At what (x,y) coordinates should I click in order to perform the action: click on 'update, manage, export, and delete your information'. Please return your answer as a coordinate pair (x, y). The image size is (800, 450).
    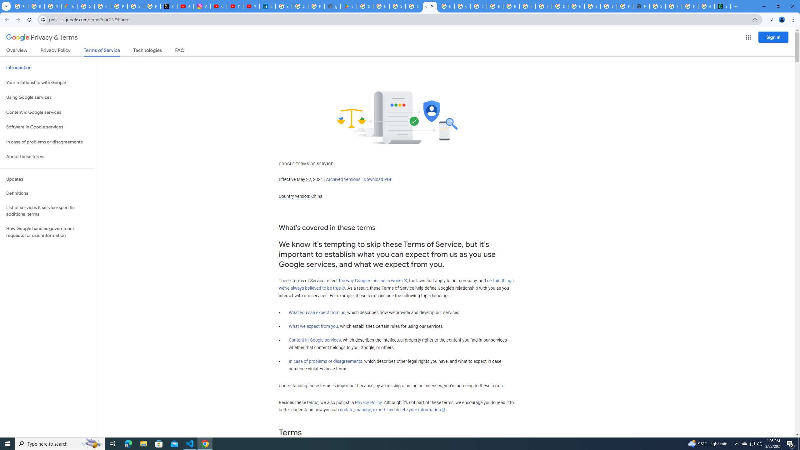
    Looking at the image, I should click on (392, 409).